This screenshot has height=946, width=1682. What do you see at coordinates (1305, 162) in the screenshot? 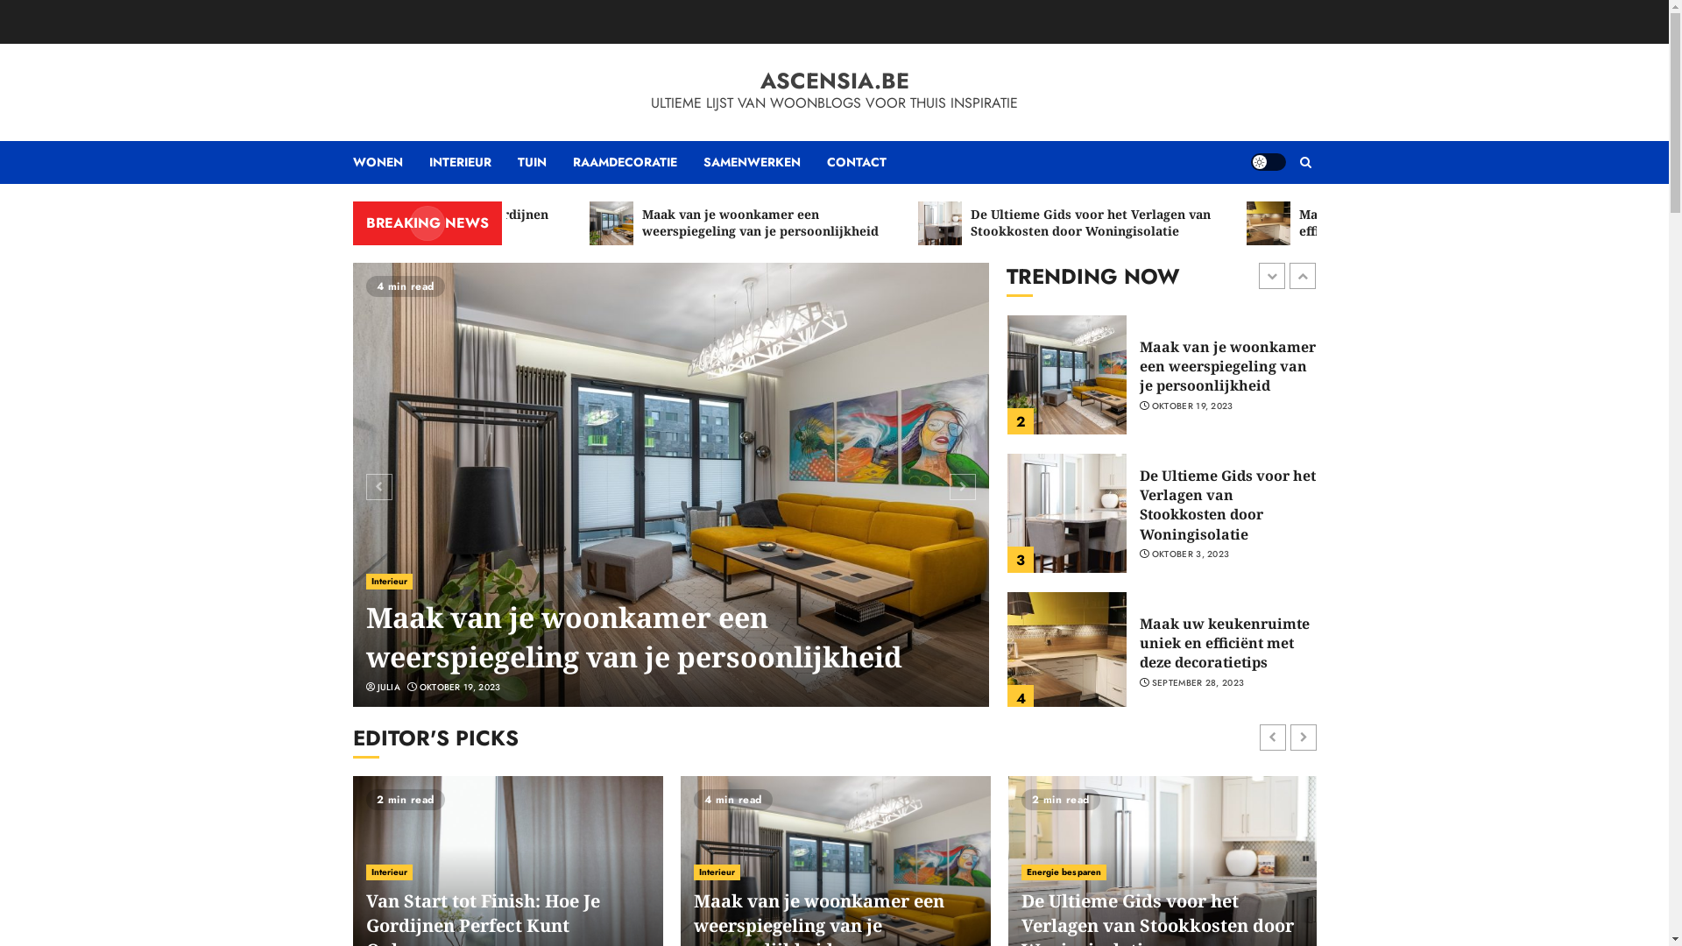
I see `'Search'` at bounding box center [1305, 162].